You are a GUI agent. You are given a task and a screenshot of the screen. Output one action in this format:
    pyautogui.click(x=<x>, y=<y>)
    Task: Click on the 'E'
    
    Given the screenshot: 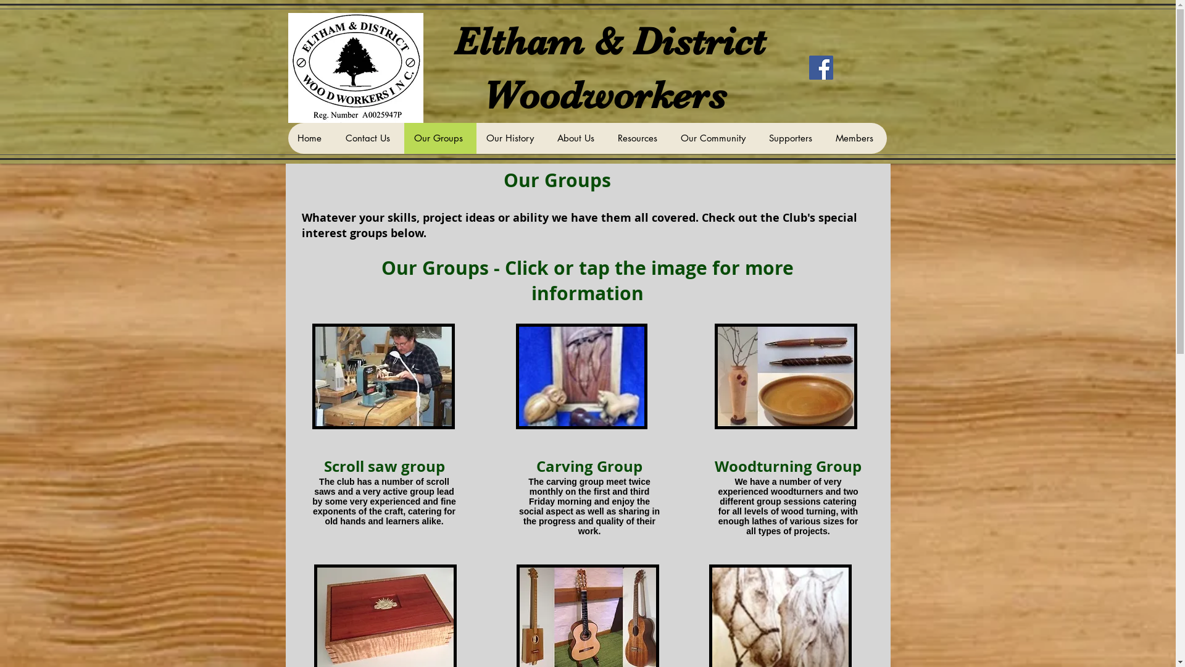 What is the action you would take?
    pyautogui.click(x=465, y=40)
    